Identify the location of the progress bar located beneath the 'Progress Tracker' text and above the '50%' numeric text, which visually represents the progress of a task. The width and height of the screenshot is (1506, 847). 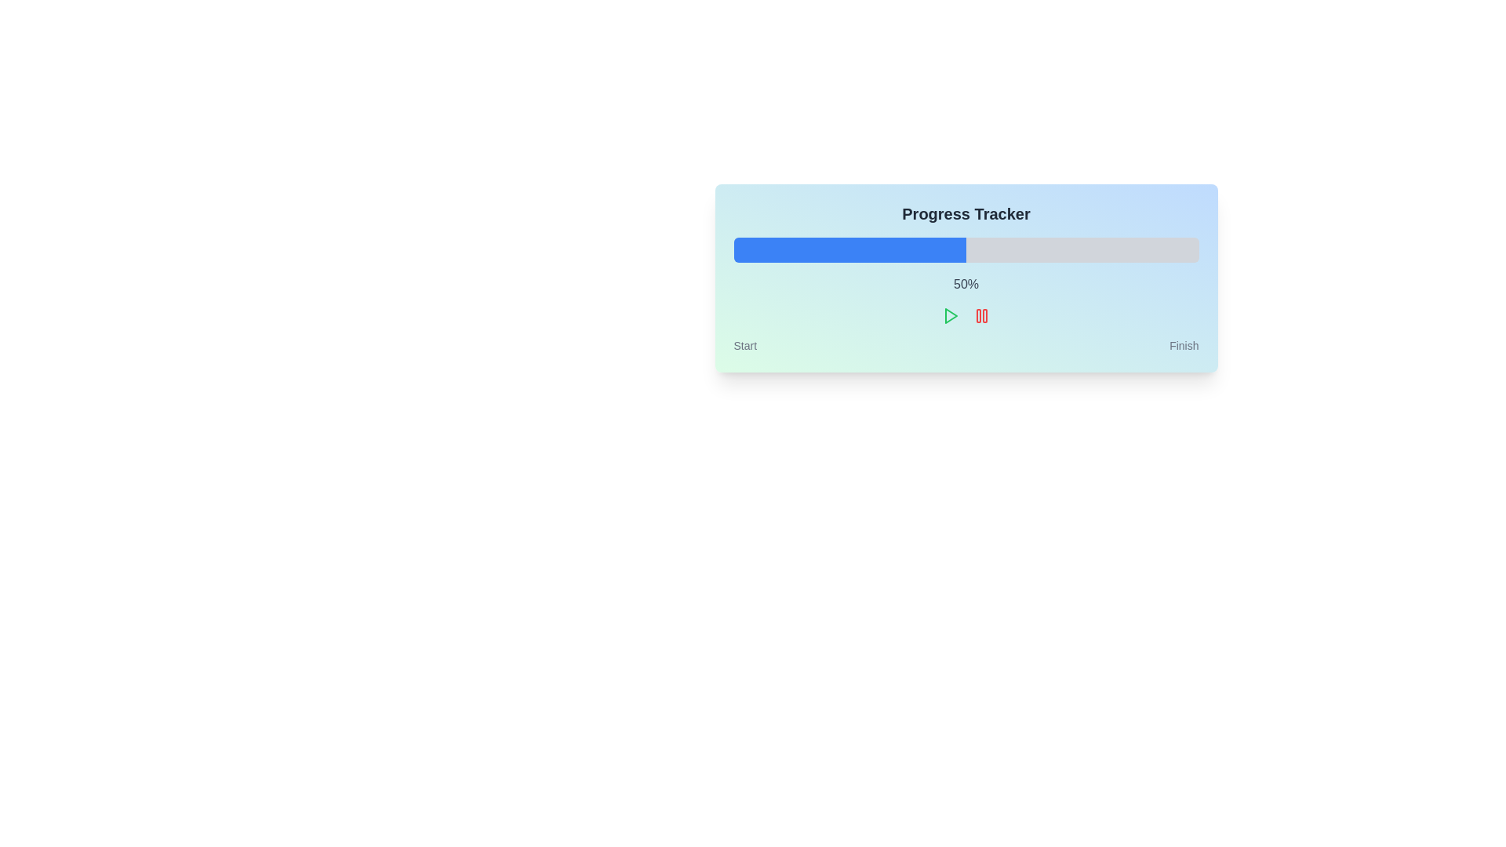
(966, 249).